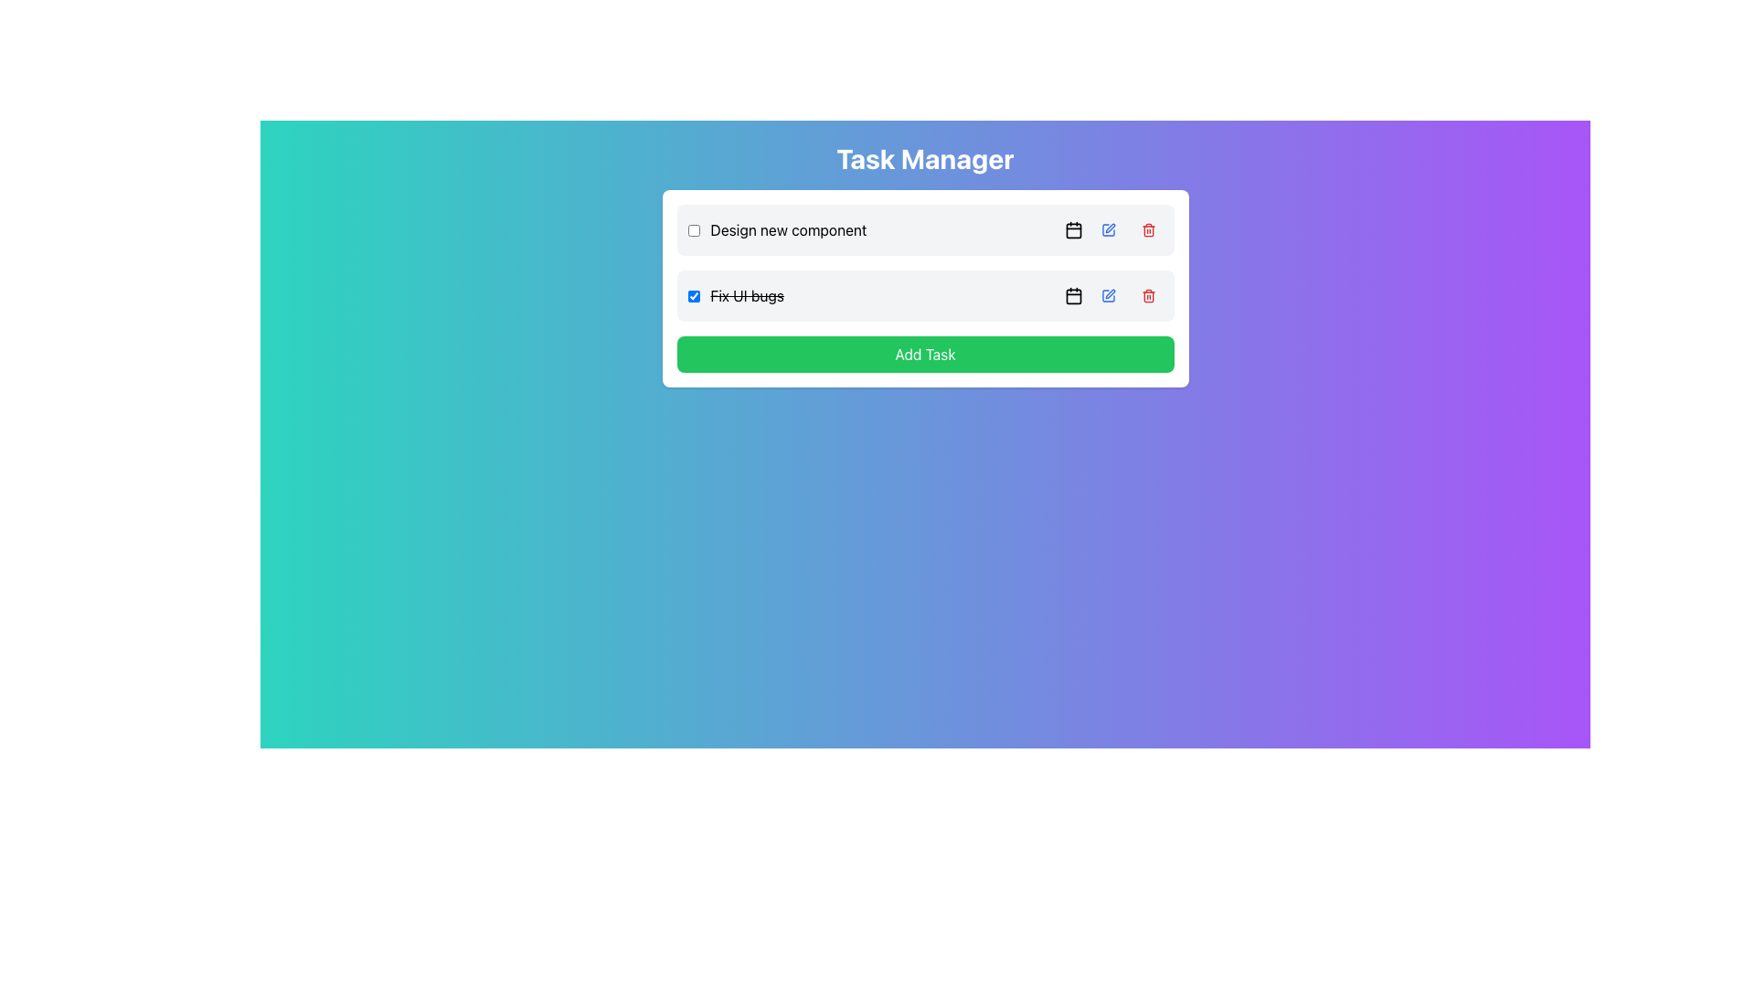 Image resolution: width=1755 pixels, height=987 pixels. I want to click on the editing icon button located to the right of the calendar icon in the task box for 'Fix UI bugs', so click(1109, 292).